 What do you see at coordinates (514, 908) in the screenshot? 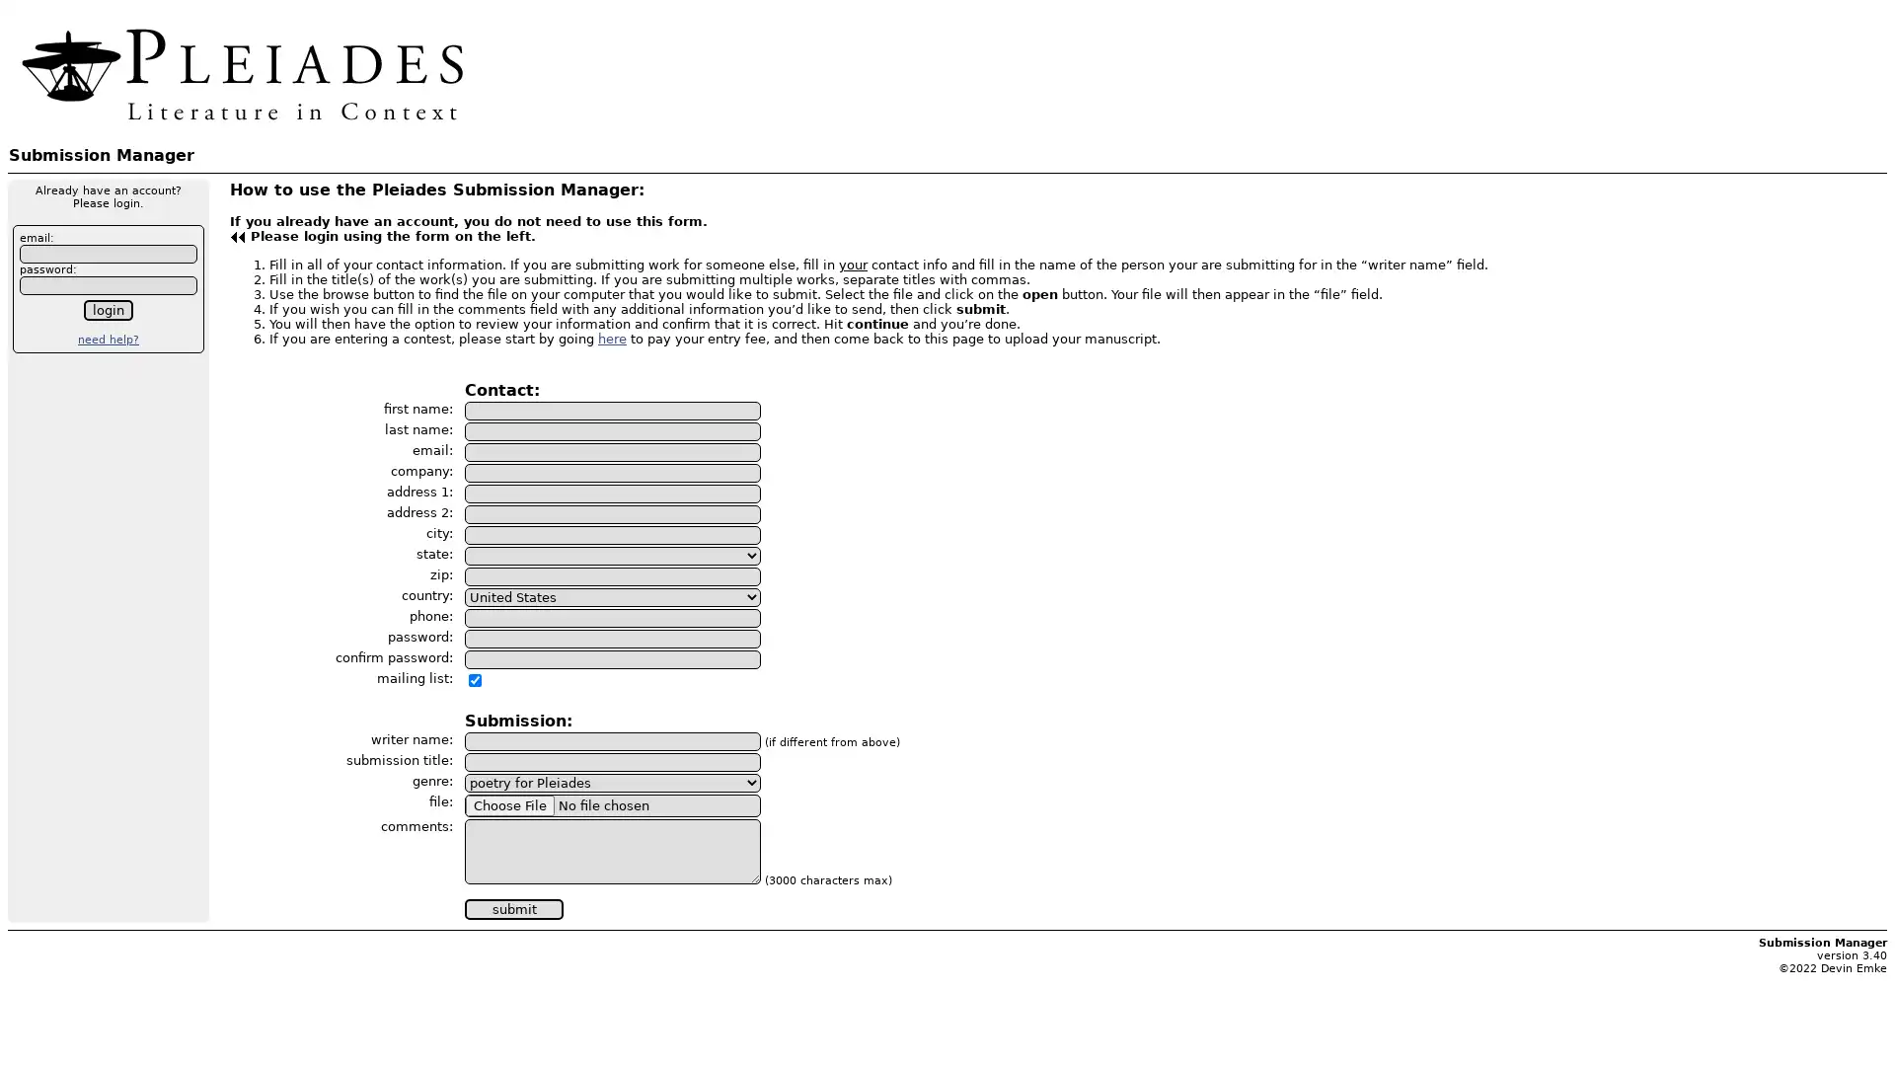
I see `submit` at bounding box center [514, 908].